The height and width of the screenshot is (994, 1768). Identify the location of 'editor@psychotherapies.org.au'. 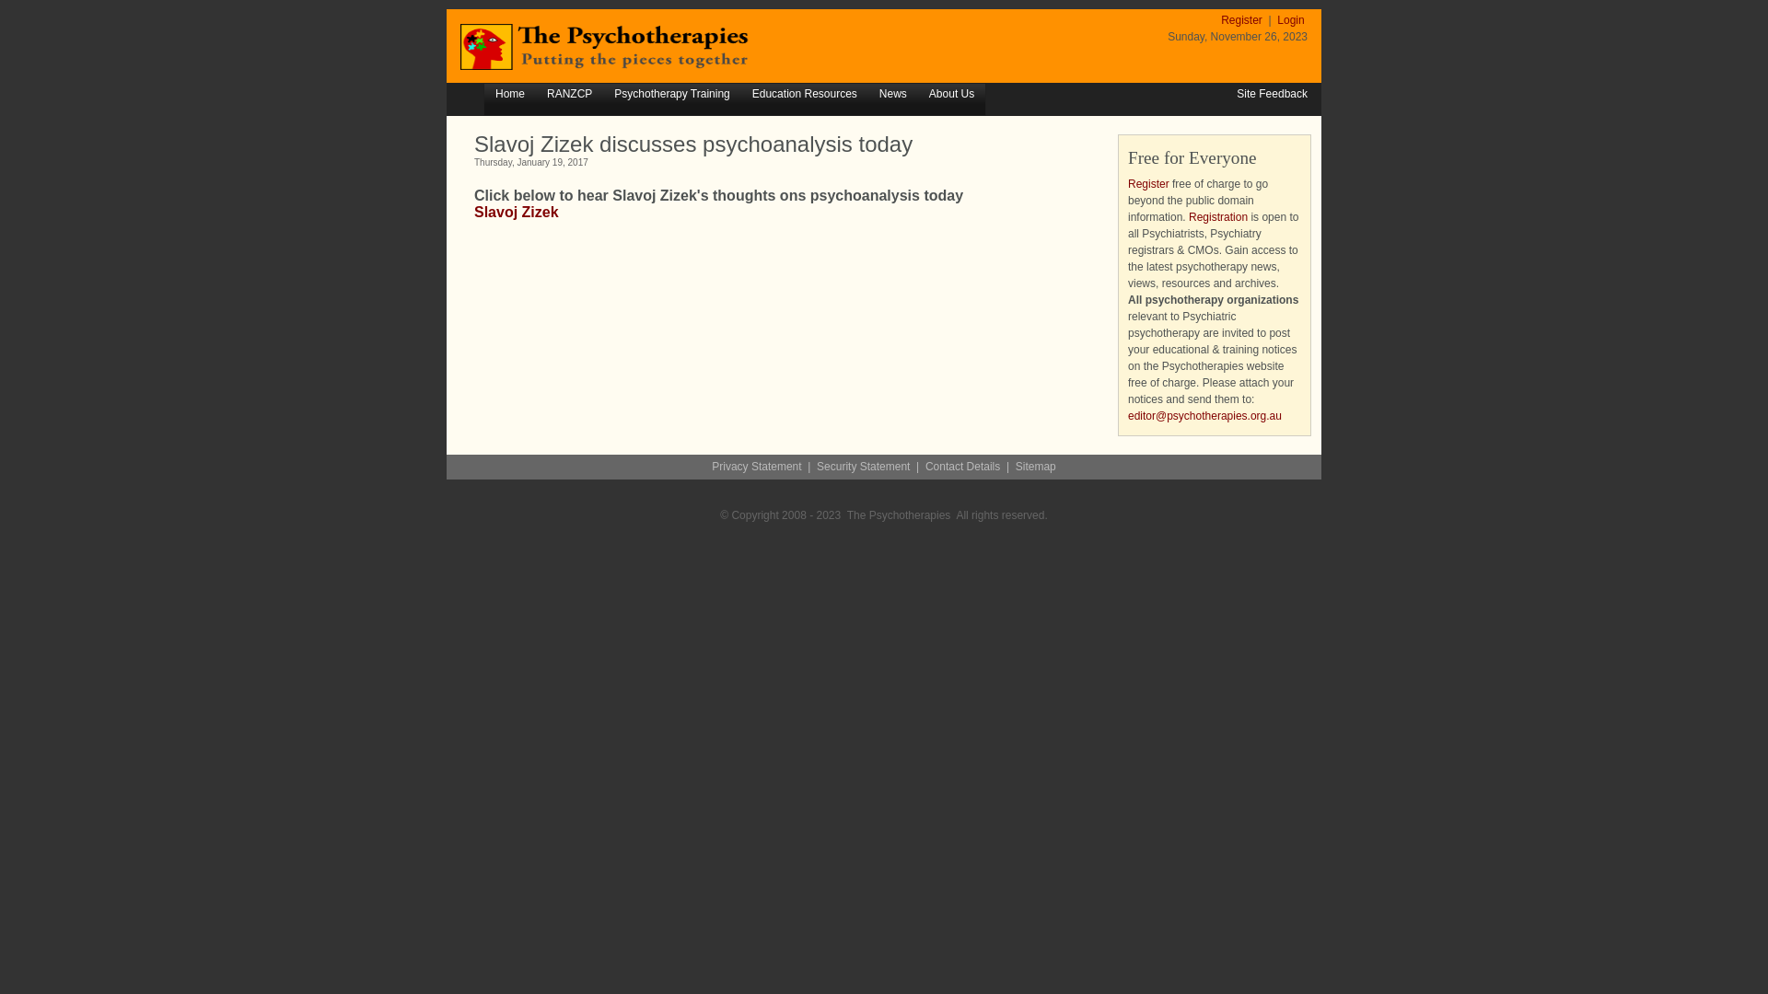
(1204, 415).